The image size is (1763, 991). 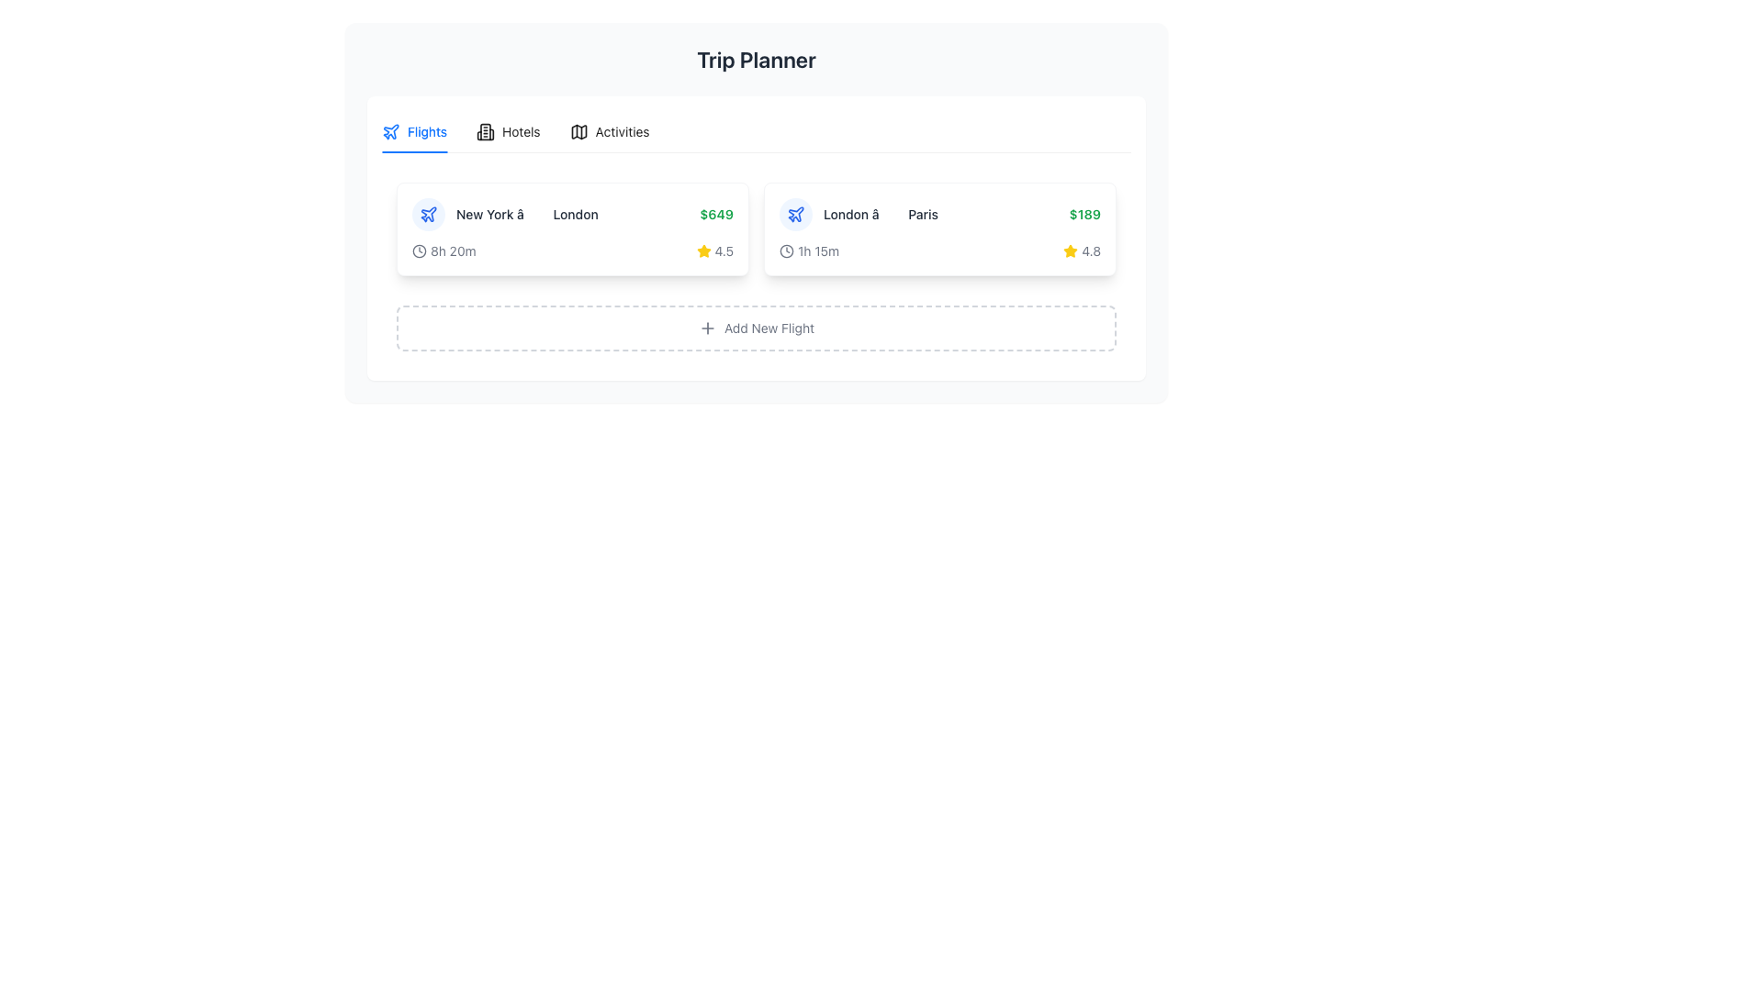 I want to click on the Rating Display element in the lower-right corner of the flight card for the route 'New York - London' that visually represents a rating of 4.5, so click(x=713, y=251).